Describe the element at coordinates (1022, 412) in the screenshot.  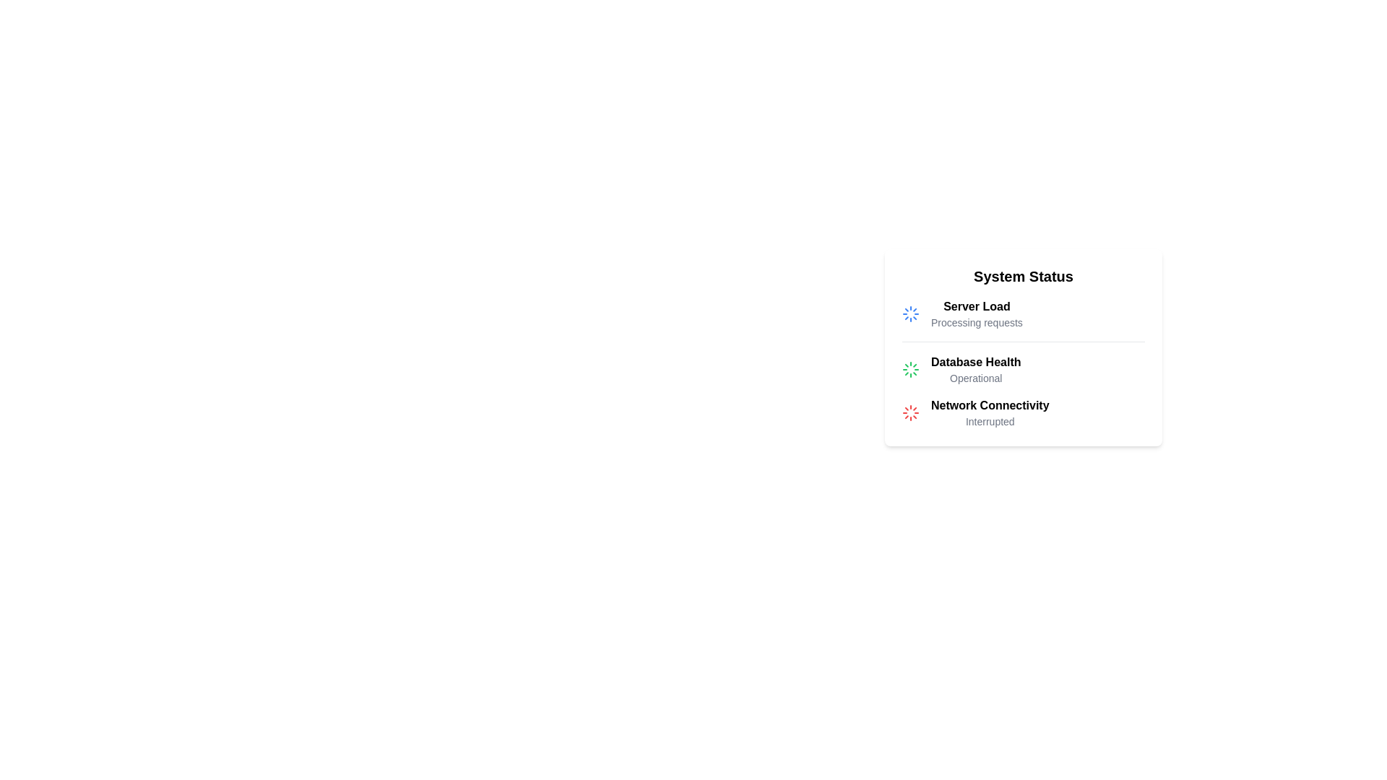
I see `status of the 'Network Connectivity' display, which indicates that the network status is currently 'Interrupted'. This element is positioned at the bottom of the 'System Status' card, below the 'Database Health' section` at that location.